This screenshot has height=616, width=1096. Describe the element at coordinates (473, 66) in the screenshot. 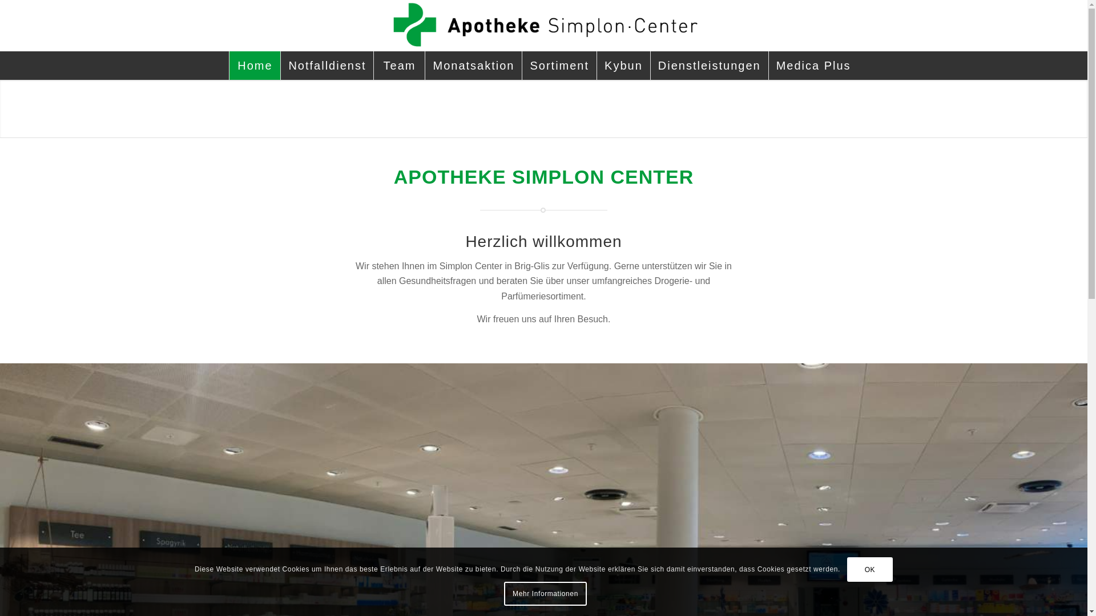

I see `'Monatsaktion'` at that location.